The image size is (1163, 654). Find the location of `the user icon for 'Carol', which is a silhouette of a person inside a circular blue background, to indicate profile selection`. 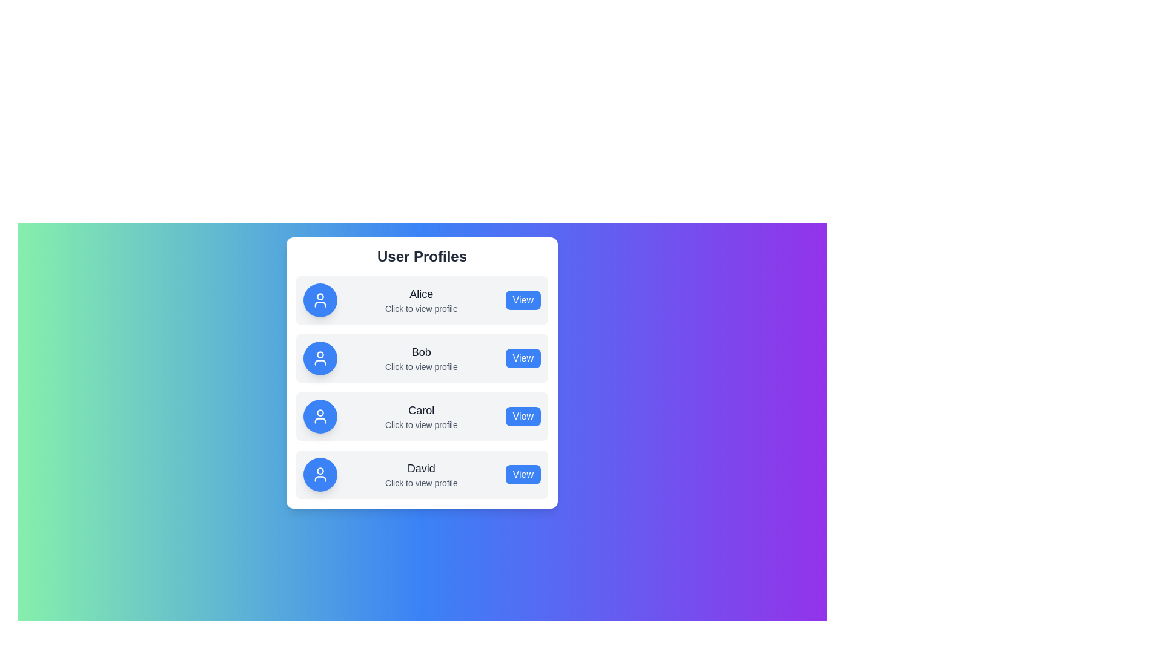

the user icon for 'Carol', which is a silhouette of a person inside a circular blue background, to indicate profile selection is located at coordinates (320, 415).